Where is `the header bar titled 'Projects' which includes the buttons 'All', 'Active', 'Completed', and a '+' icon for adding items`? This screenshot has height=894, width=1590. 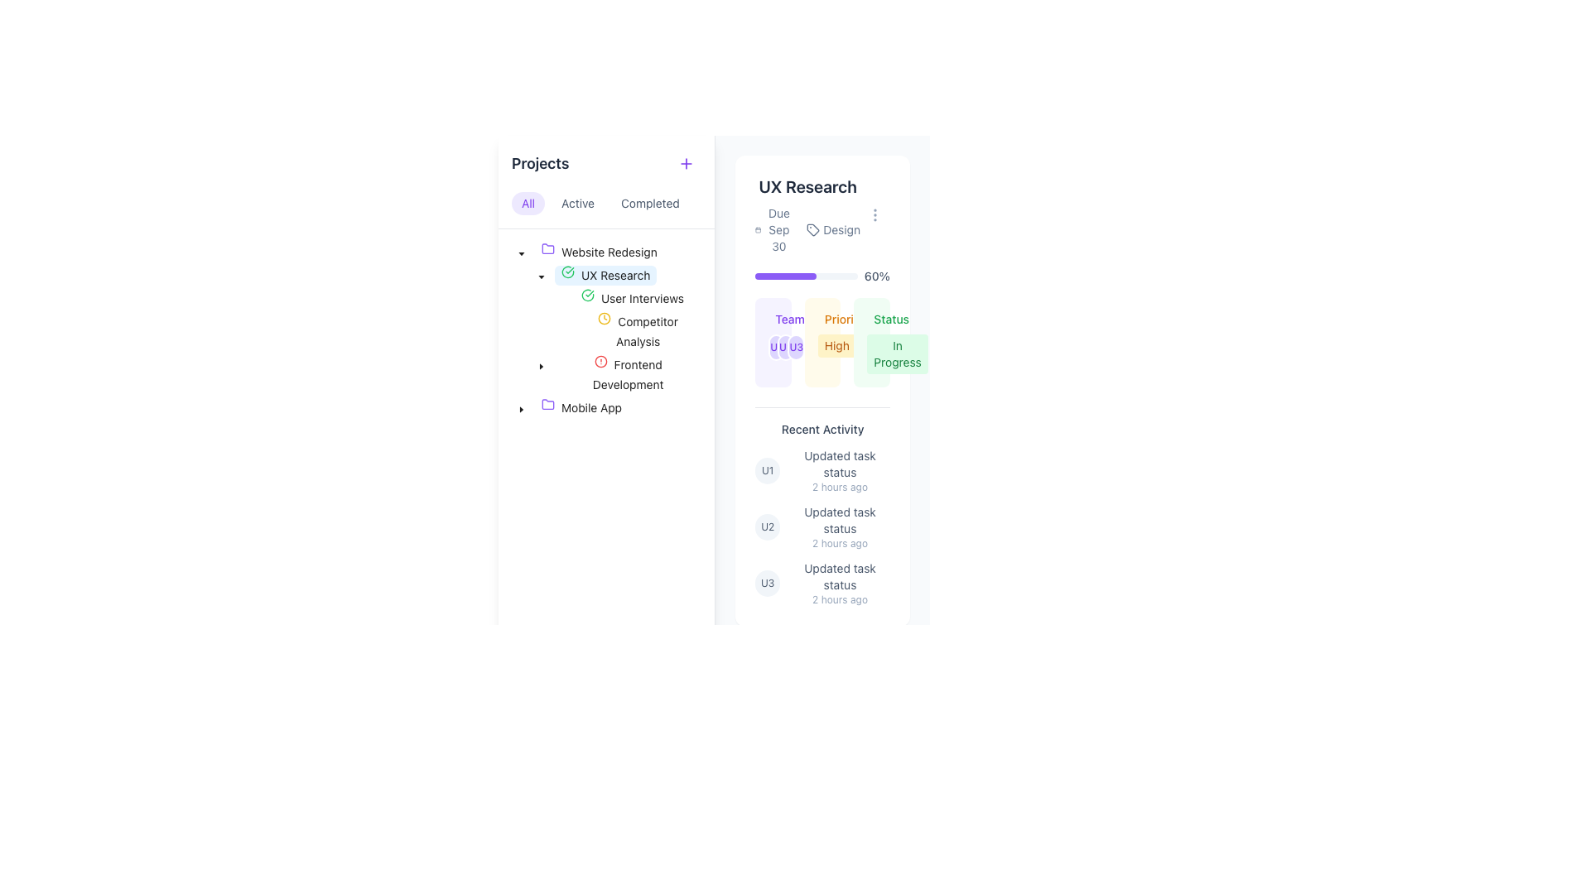
the header bar titled 'Projects' which includes the buttons 'All', 'Active', 'Completed', and a '+' icon for adding items is located at coordinates (605, 182).